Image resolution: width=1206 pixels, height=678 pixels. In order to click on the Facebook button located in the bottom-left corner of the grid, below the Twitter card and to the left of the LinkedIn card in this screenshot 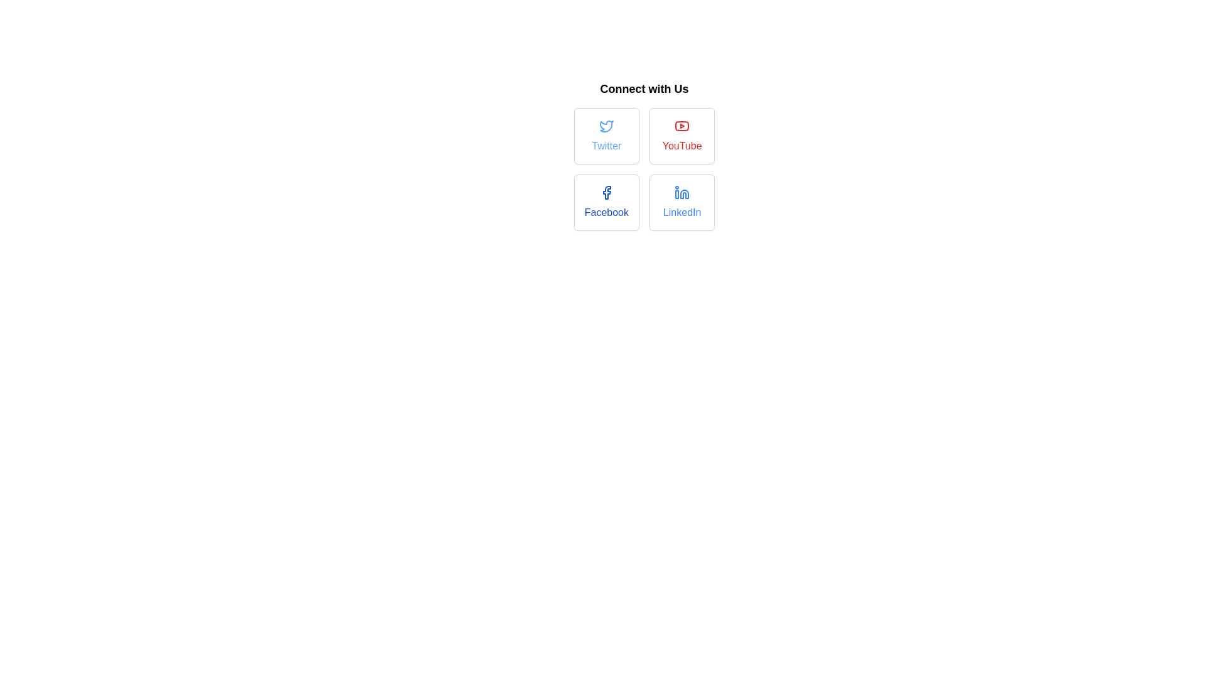, I will do `click(606, 202)`.